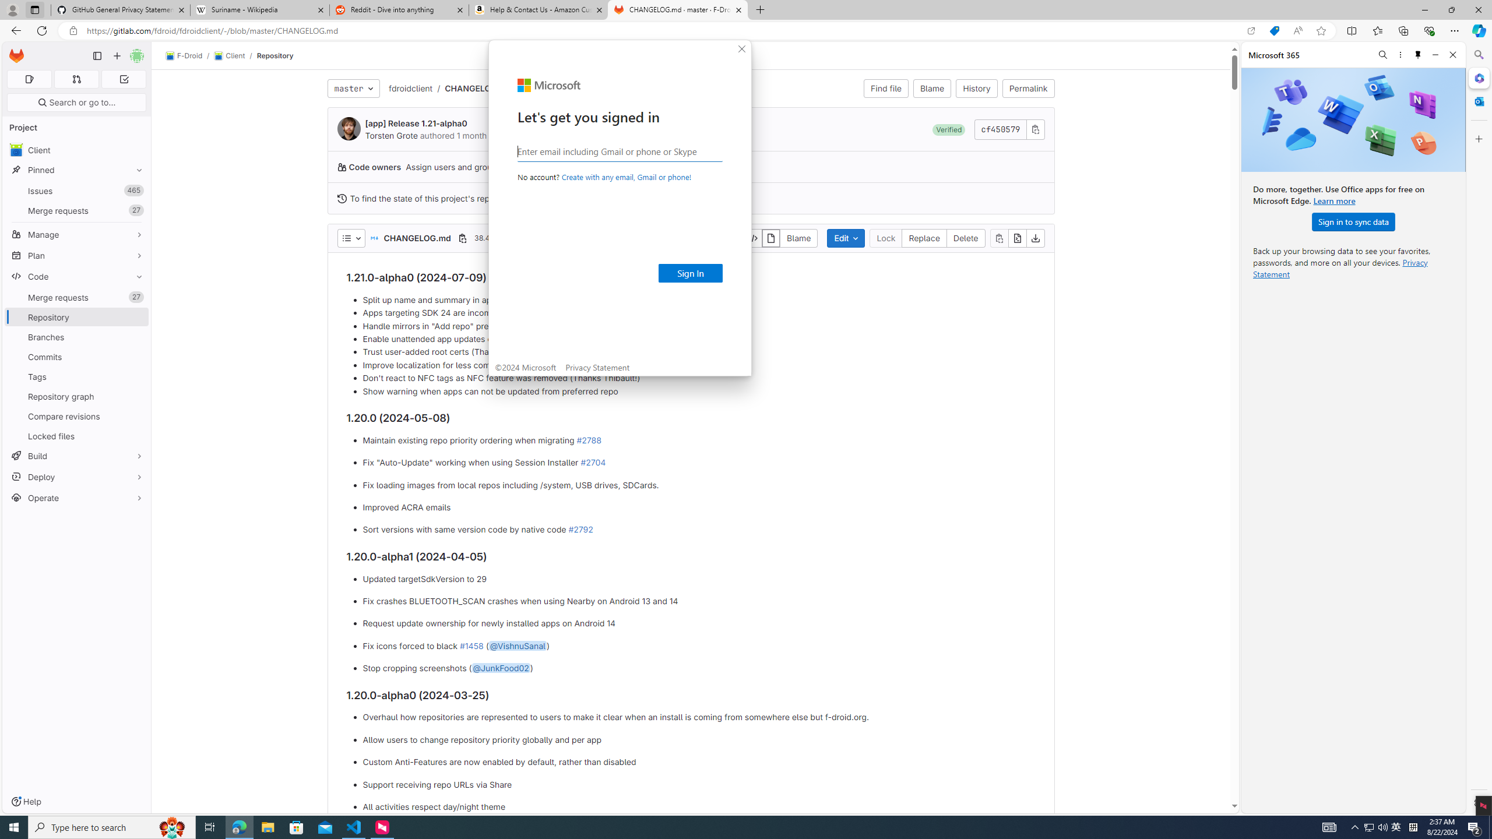 This screenshot has height=839, width=1492. Describe the element at coordinates (136, 435) in the screenshot. I see `'Pin Locked files'` at that location.